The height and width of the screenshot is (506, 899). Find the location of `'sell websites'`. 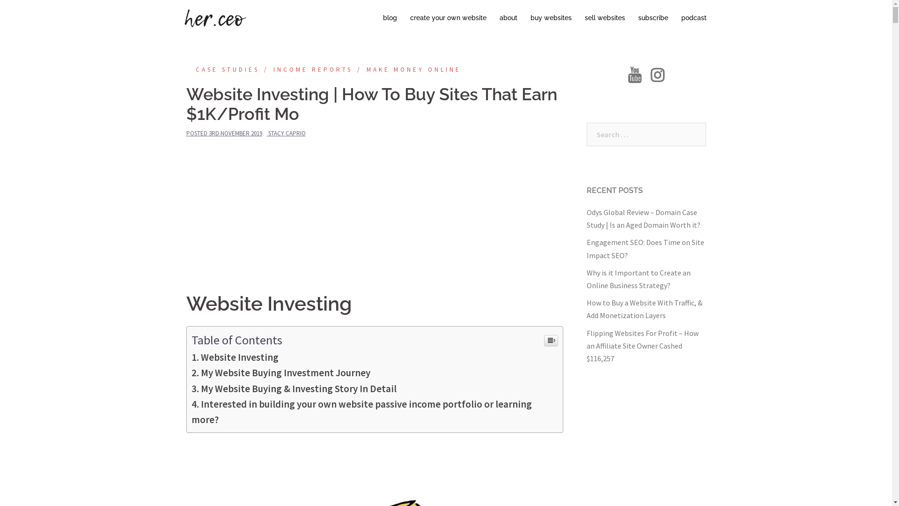

'sell websites' is located at coordinates (604, 18).